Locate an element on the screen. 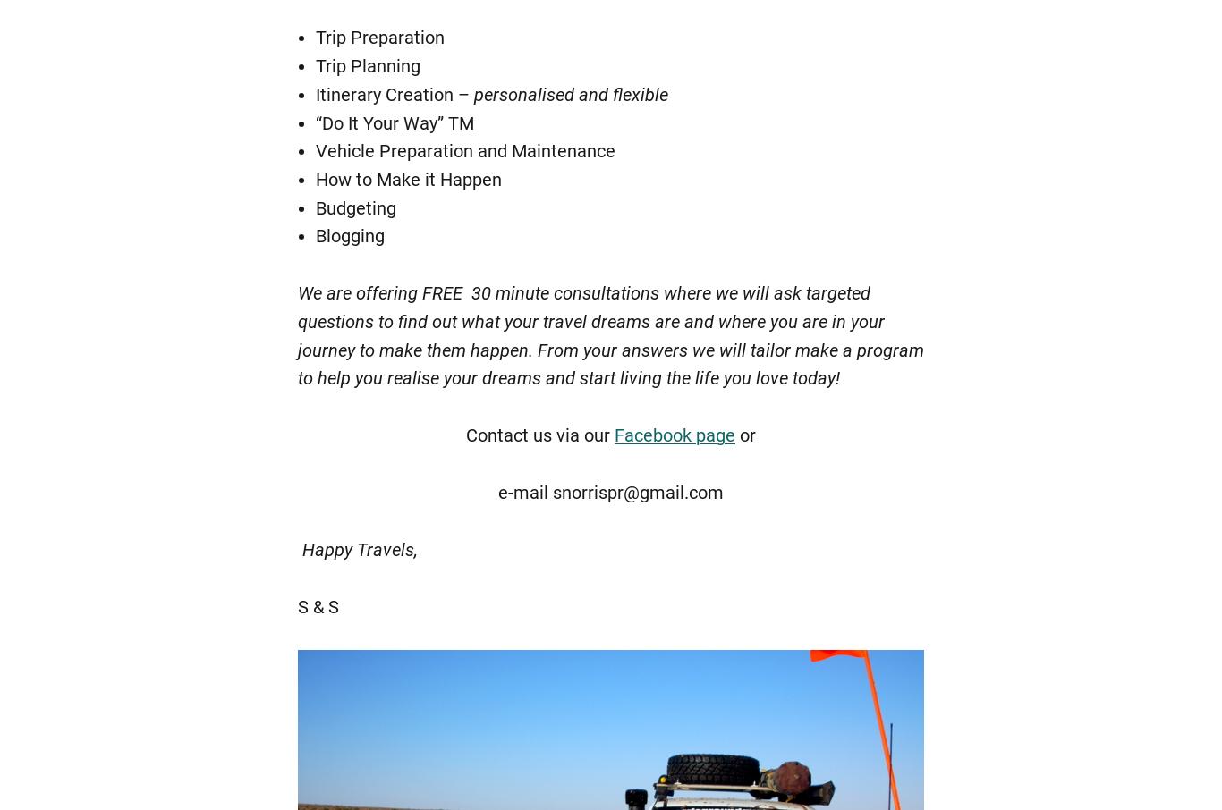  'personalised and flexible' is located at coordinates (474, 93).